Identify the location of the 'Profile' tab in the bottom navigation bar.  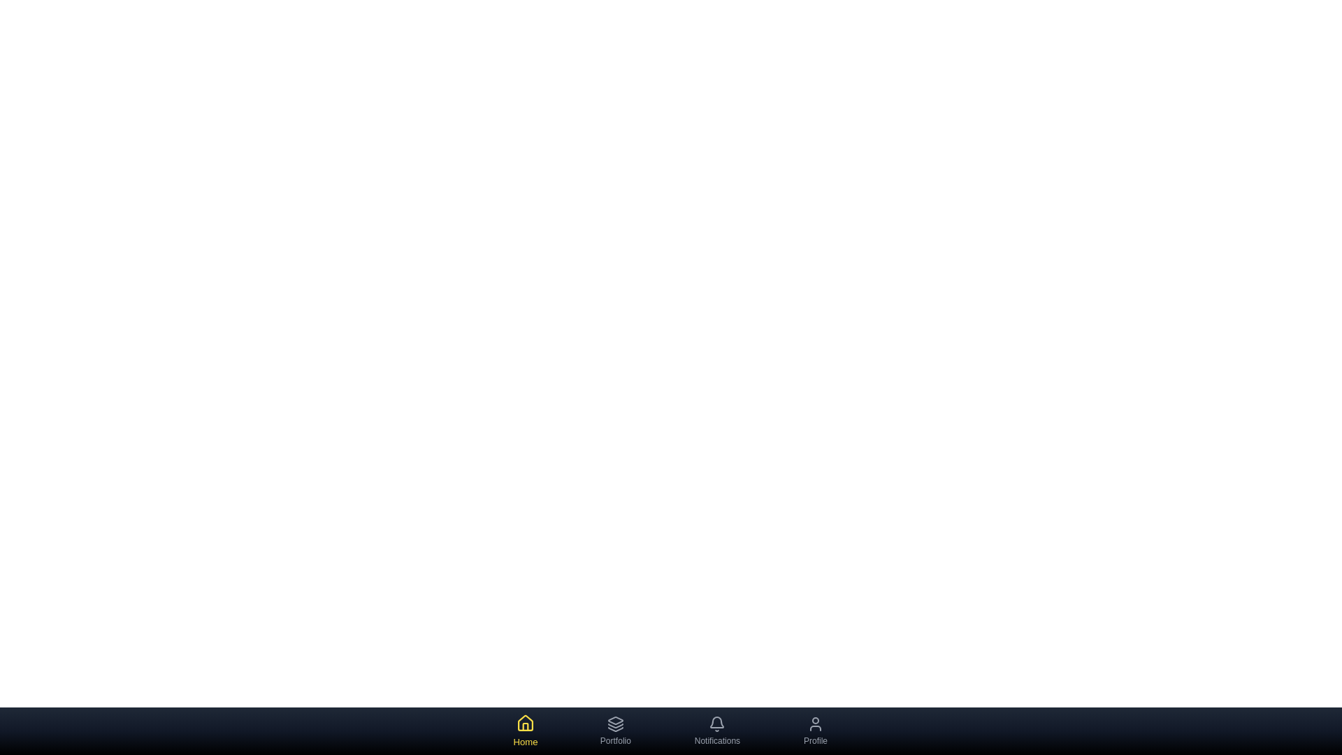
(815, 730).